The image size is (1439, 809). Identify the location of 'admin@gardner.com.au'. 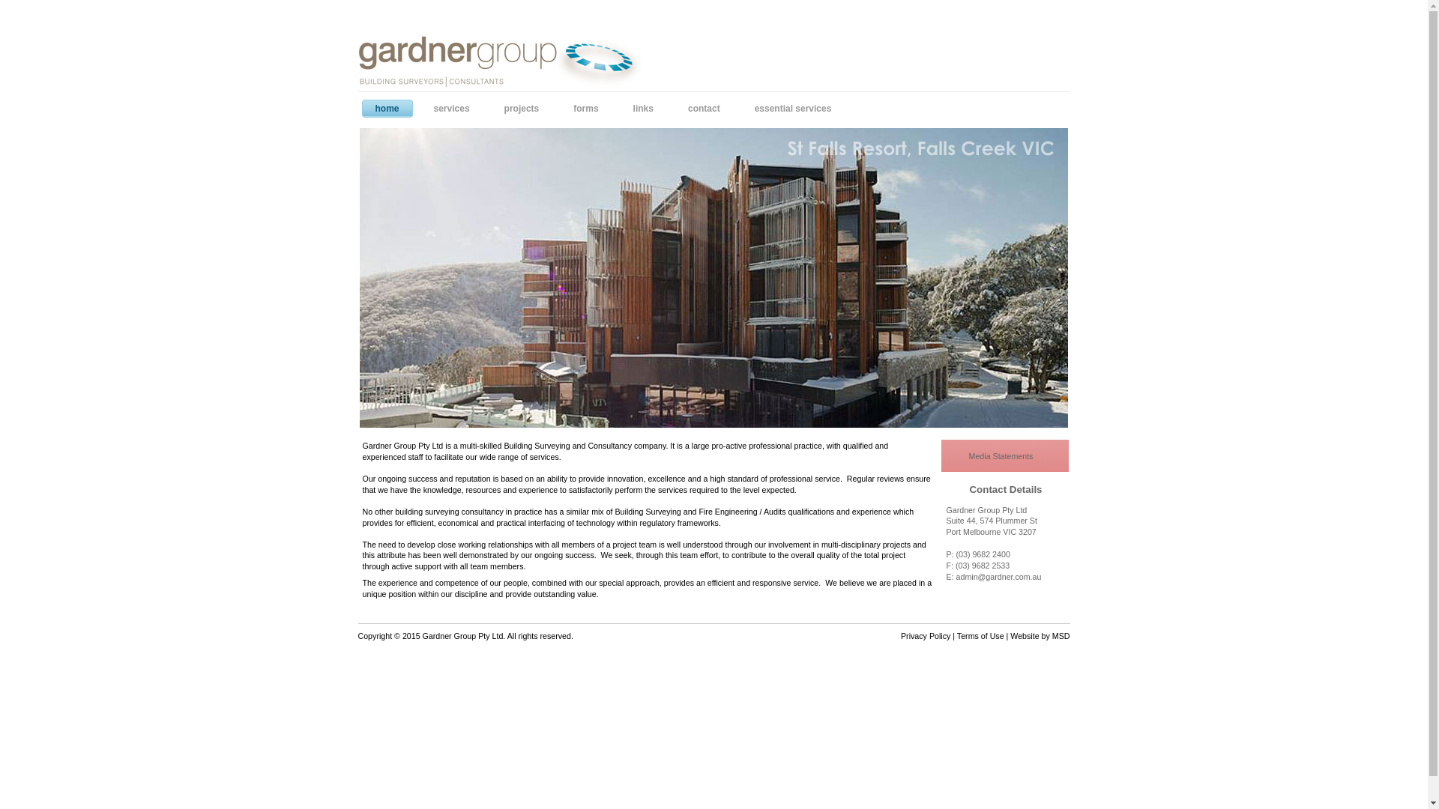
(1003, 577).